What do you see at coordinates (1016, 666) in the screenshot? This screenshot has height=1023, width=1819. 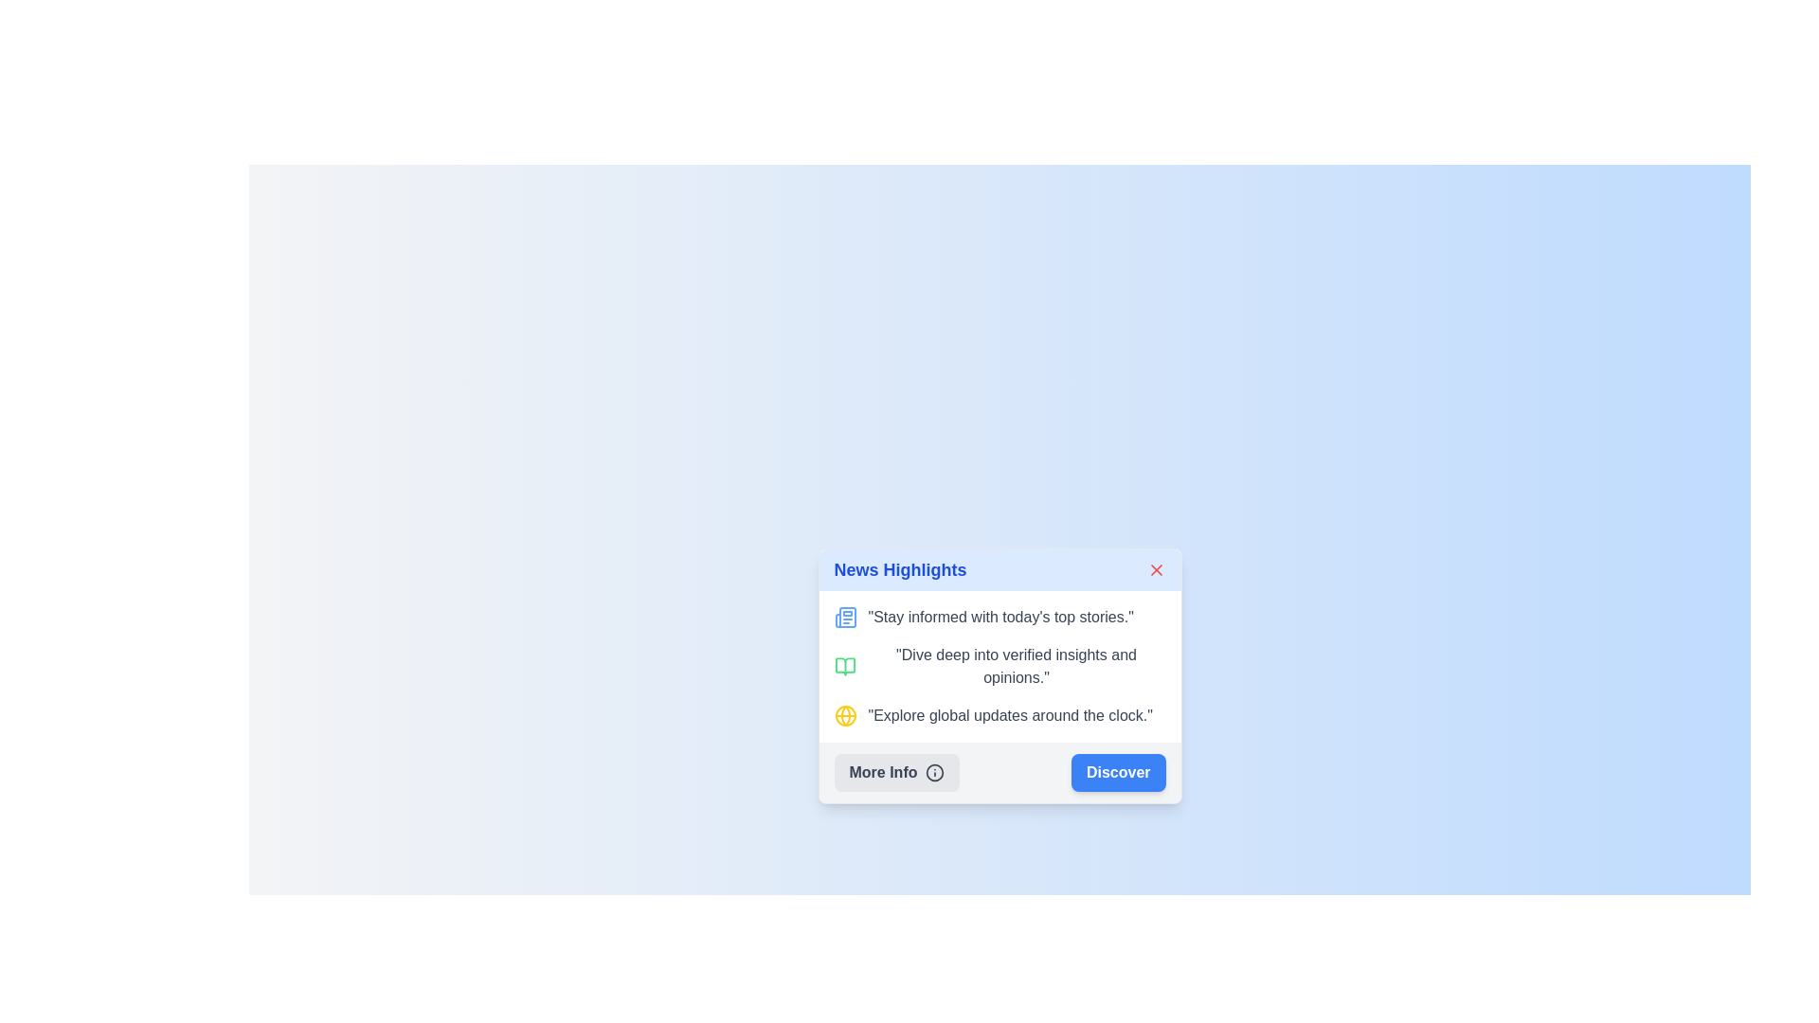 I see `the second static text entry in the 'News Highlights' card that provides information about verified insights and opinions` at bounding box center [1016, 666].